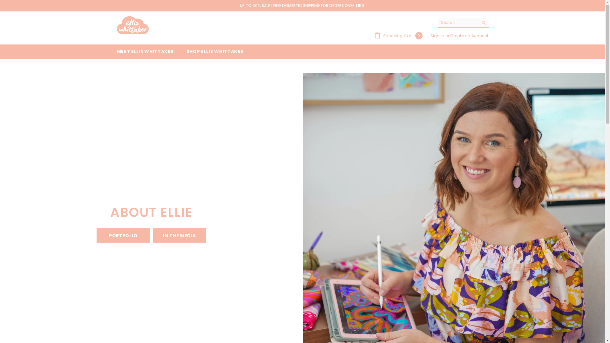 This screenshot has width=610, height=343. I want to click on 'Create an Account', so click(450, 36).